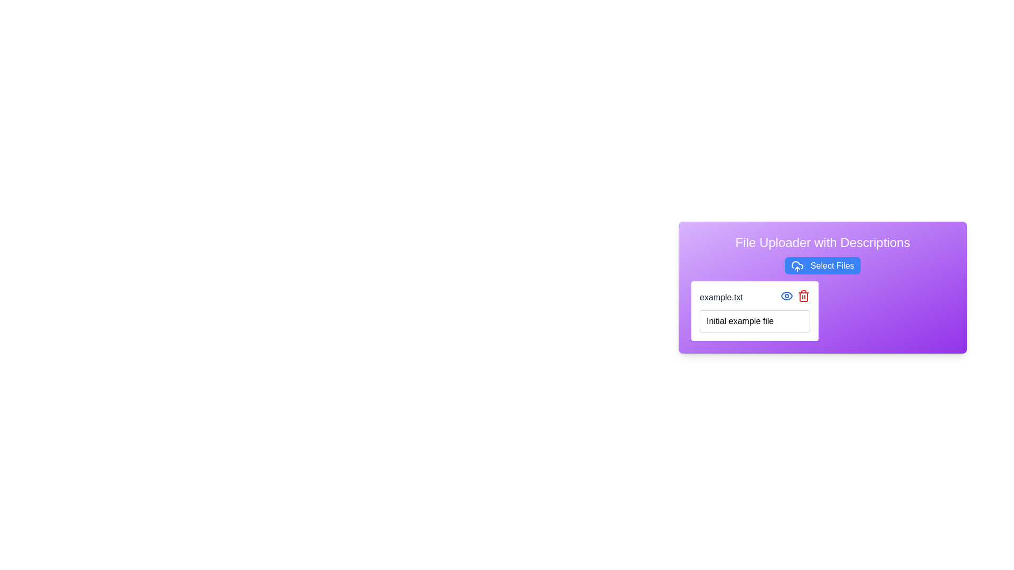 This screenshot has height=570, width=1014. I want to click on the button located at the top right portion of the 'File Uploader with Descriptions' interface, so click(822, 265).